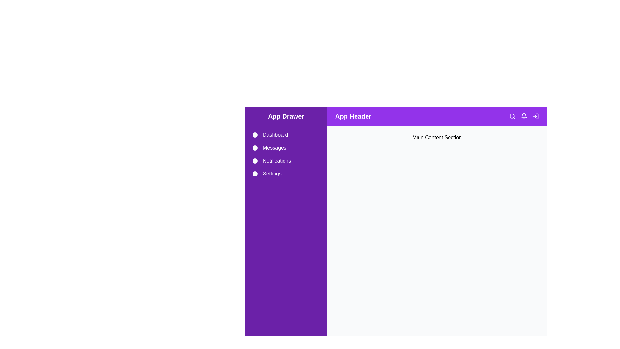 This screenshot has width=620, height=349. I want to click on the Dashboard drawer item to navigate, so click(286, 134).